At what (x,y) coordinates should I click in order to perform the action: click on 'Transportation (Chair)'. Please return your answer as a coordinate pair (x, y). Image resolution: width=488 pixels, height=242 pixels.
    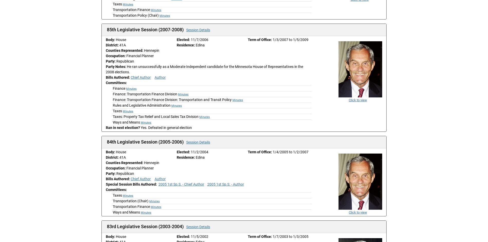
    Looking at the image, I should click on (112, 200).